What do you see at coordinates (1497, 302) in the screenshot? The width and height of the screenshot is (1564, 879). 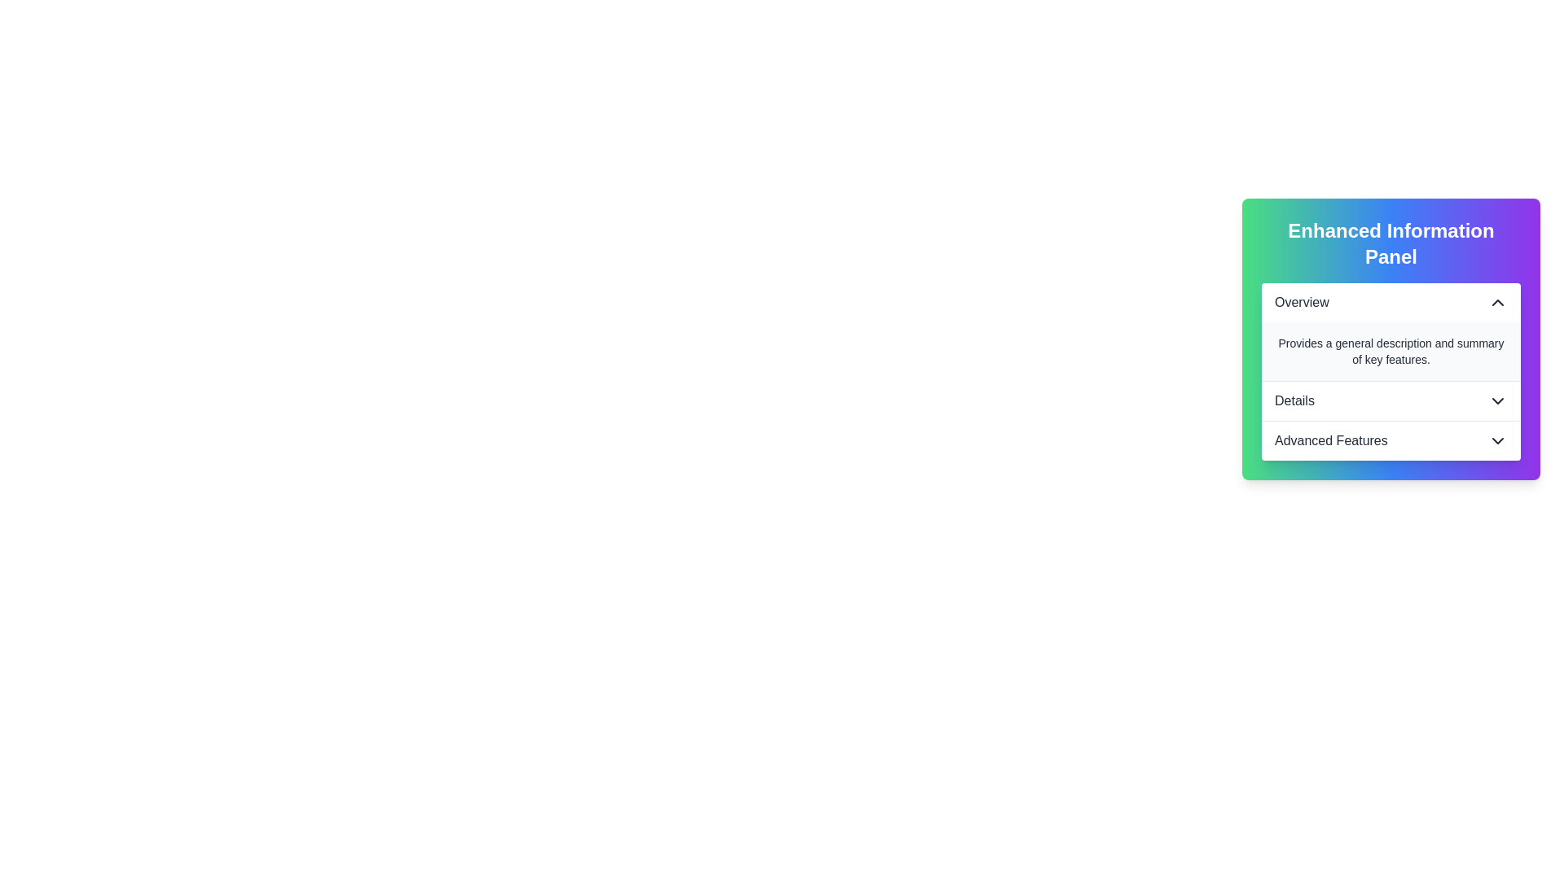 I see `the chevron icon located to the far right of the 'Overview' header section in the Enhanced Information Panel` at bounding box center [1497, 302].